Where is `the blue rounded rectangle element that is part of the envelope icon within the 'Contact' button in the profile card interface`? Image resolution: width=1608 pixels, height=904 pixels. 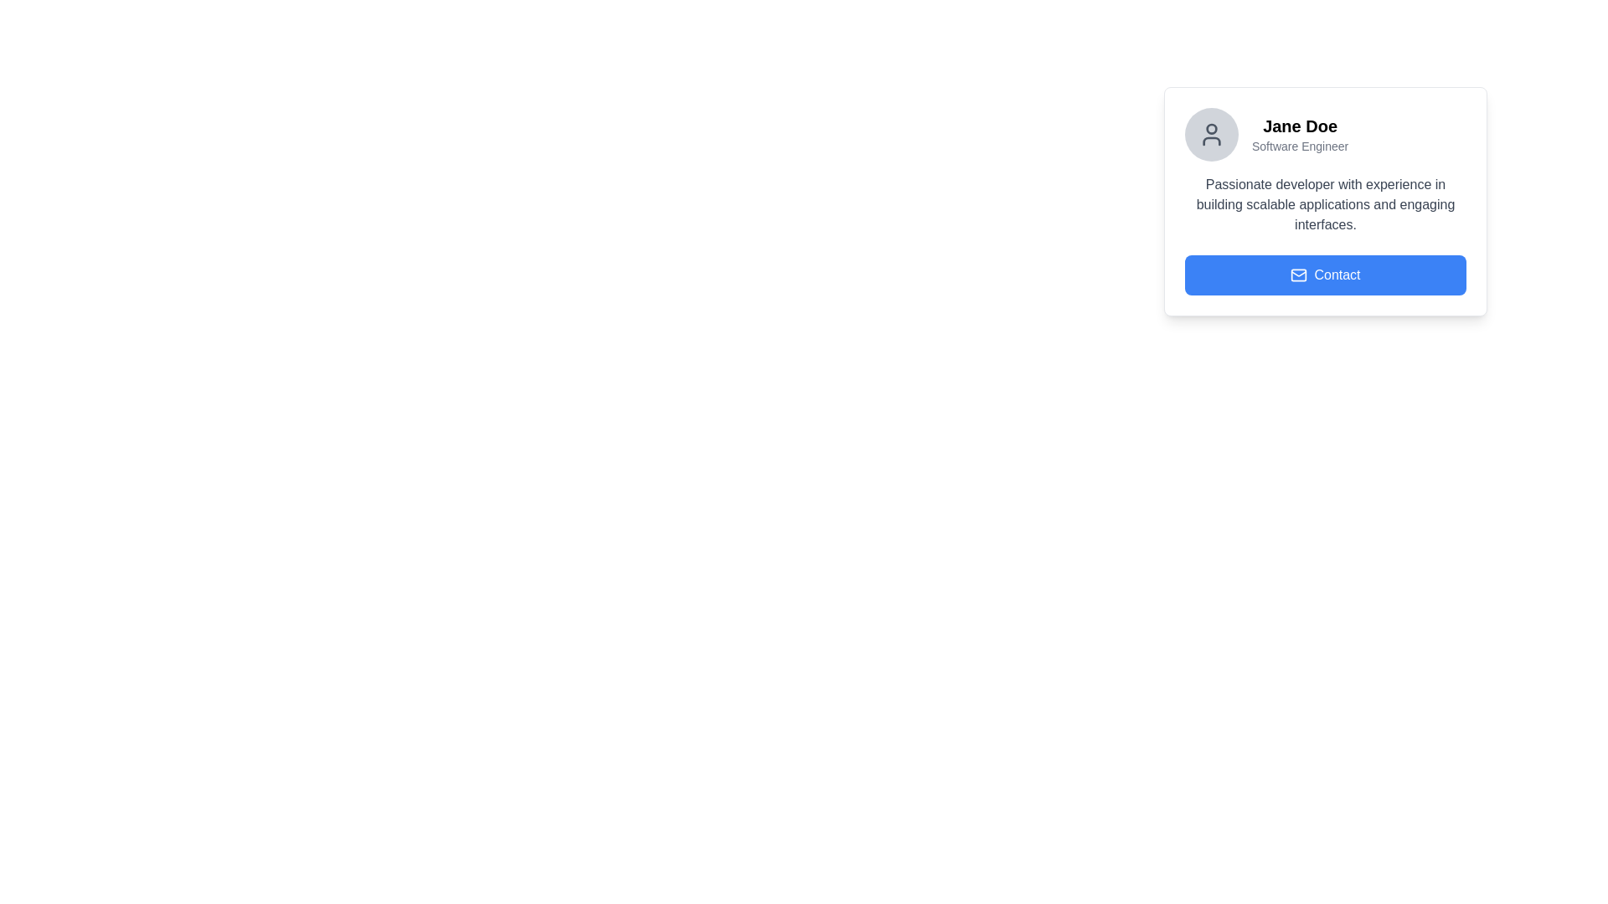
the blue rounded rectangle element that is part of the envelope icon within the 'Contact' button in the profile card interface is located at coordinates (1298, 274).